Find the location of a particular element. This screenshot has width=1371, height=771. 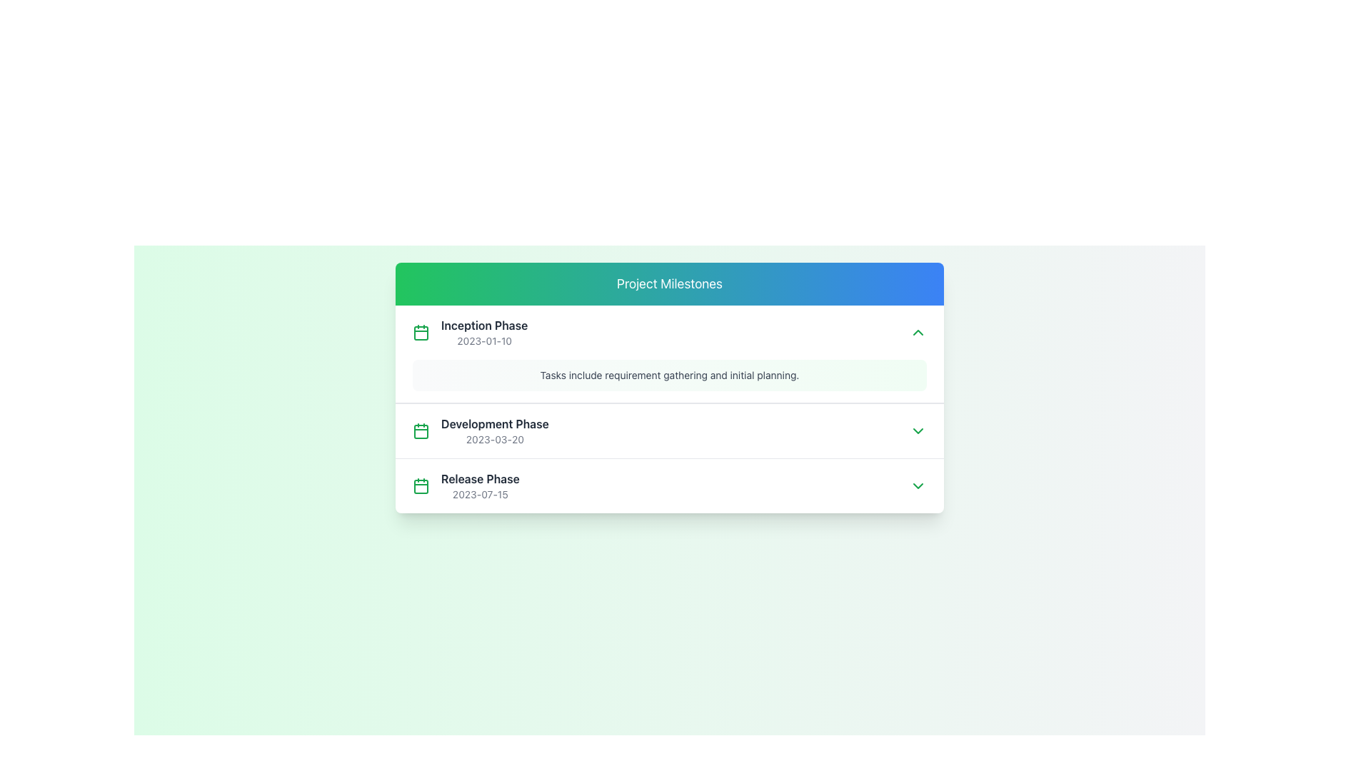

the calendar icon with a green outline located to the left of the 'Release Phase' title in the milestones list is located at coordinates (421, 485).